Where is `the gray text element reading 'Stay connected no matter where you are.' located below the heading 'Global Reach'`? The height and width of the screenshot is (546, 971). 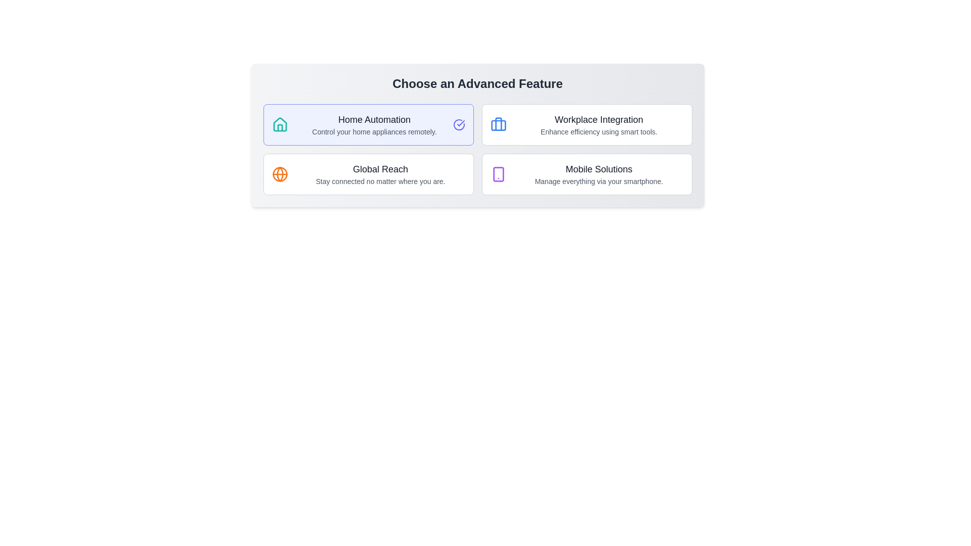
the gray text element reading 'Stay connected no matter where you are.' located below the heading 'Global Reach' is located at coordinates (380, 180).